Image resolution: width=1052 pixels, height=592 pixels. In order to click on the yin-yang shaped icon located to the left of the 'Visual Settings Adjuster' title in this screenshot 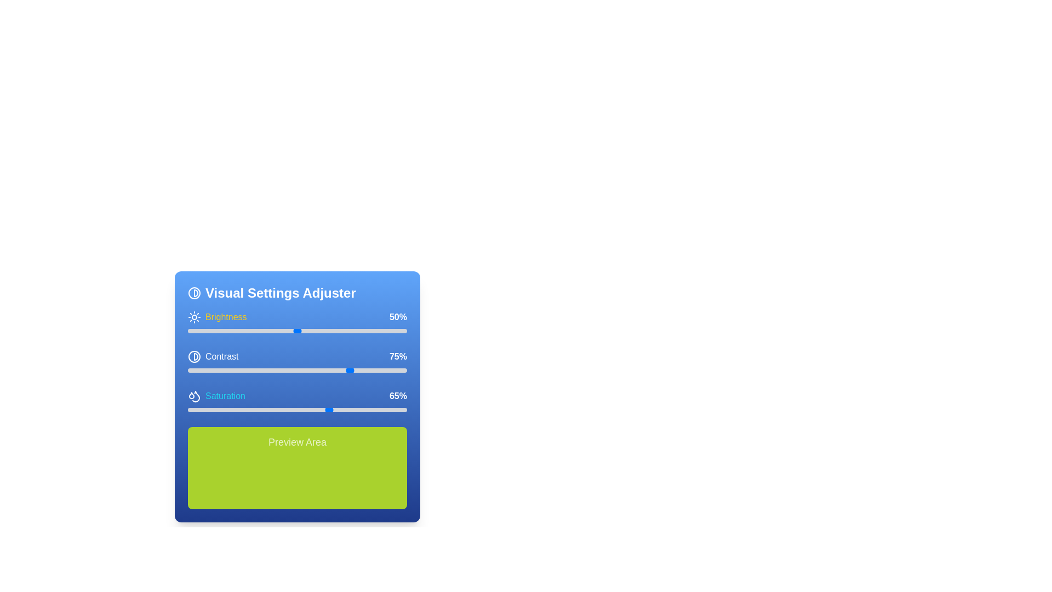, I will do `click(195, 293)`.